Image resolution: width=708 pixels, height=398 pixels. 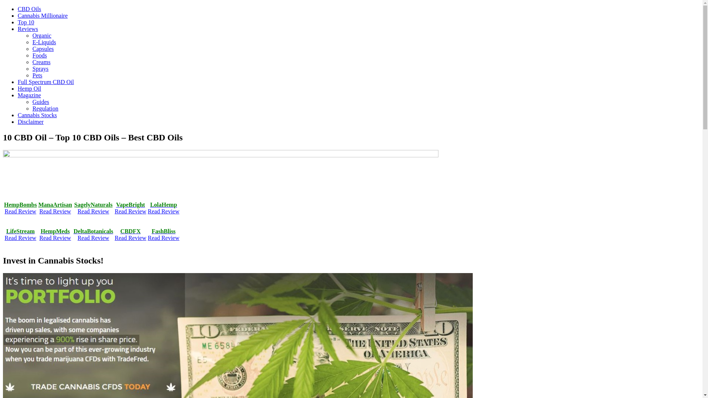 I want to click on 'DeltaBotanicals, so click(x=93, y=234).